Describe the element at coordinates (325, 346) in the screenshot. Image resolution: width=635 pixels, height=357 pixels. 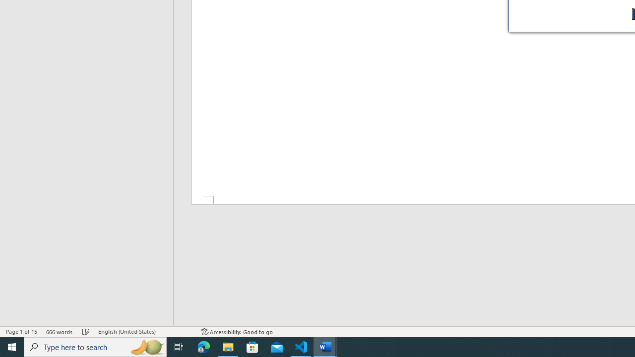
I see `'Word - 2 running windows'` at that location.